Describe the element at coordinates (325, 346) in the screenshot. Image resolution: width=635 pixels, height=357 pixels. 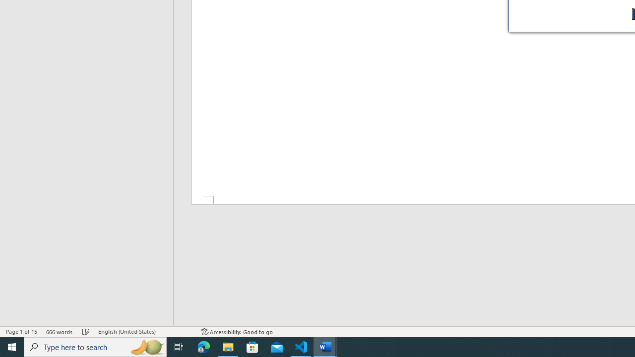
I see `'Word - 2 running windows'` at that location.